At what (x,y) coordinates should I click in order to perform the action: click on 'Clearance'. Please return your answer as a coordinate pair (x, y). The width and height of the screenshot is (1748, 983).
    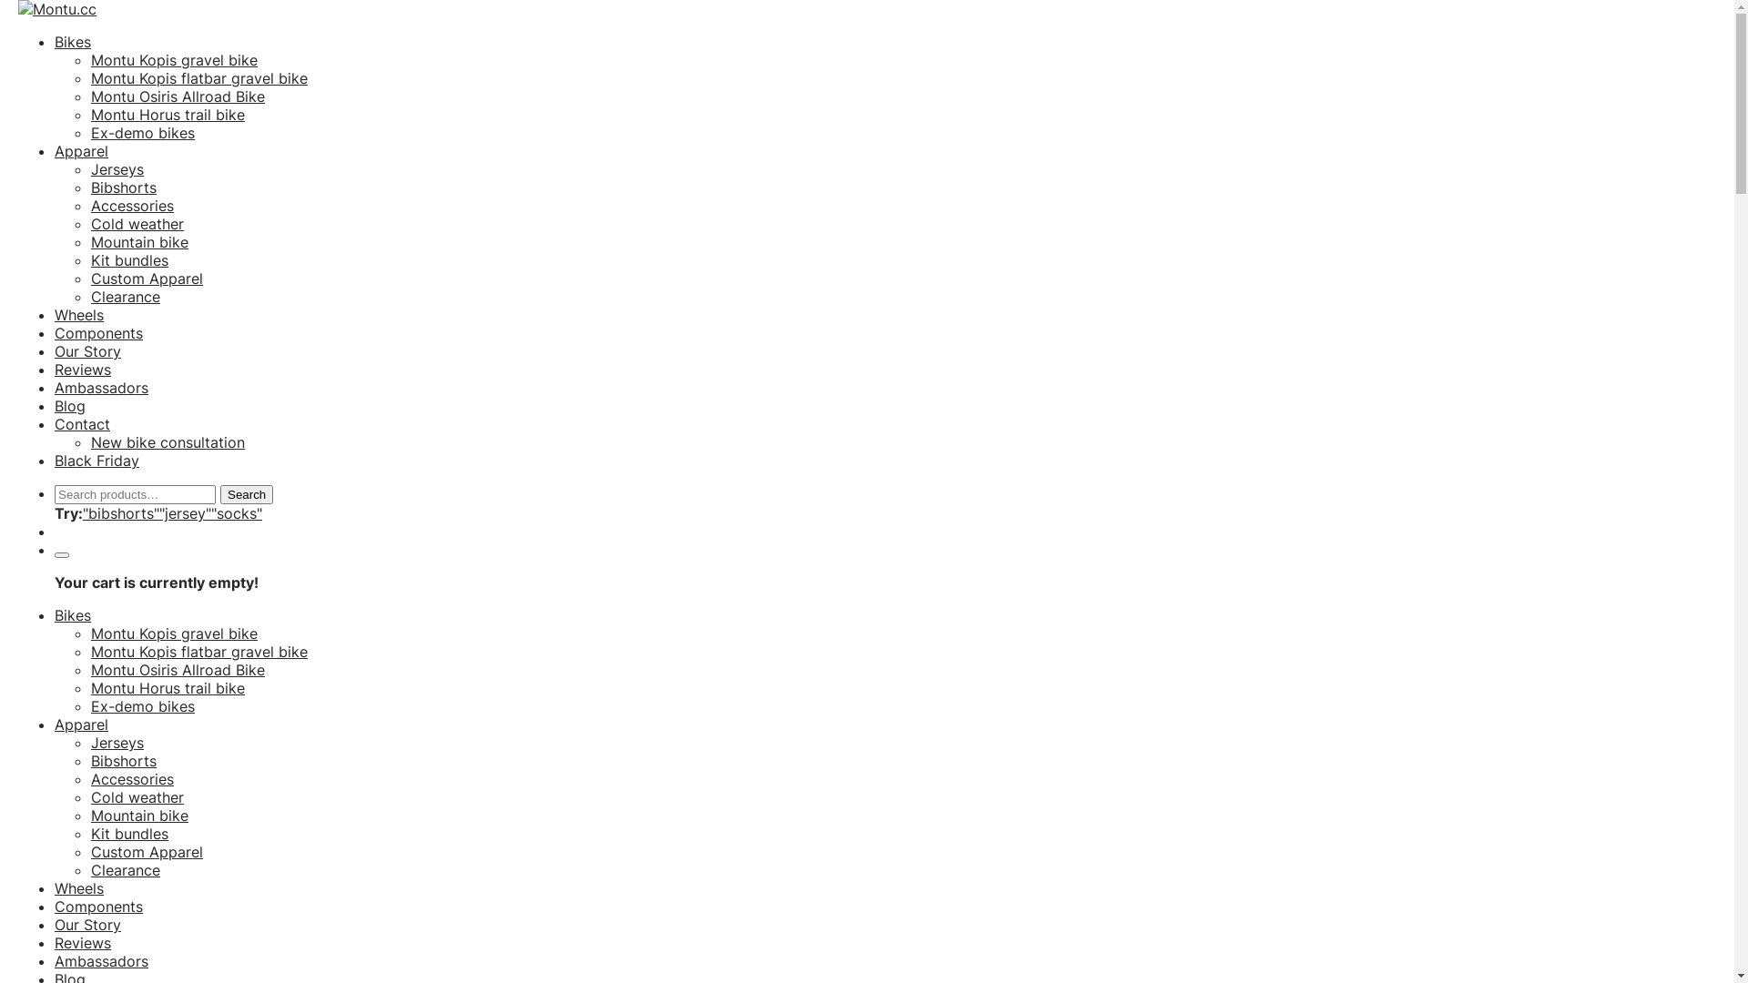
    Looking at the image, I should click on (125, 296).